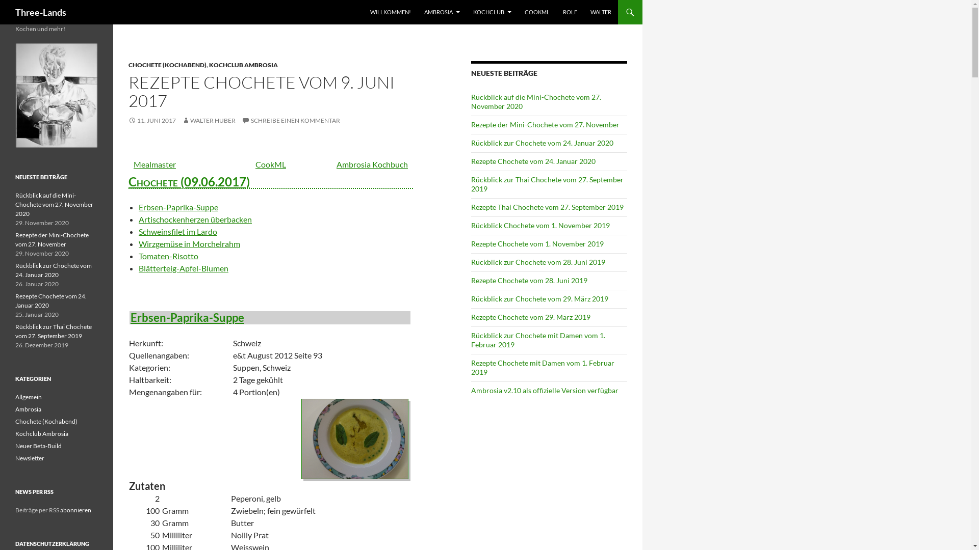  I want to click on 'Rezepte der Mini-Chochete vom 27. November', so click(545, 124).